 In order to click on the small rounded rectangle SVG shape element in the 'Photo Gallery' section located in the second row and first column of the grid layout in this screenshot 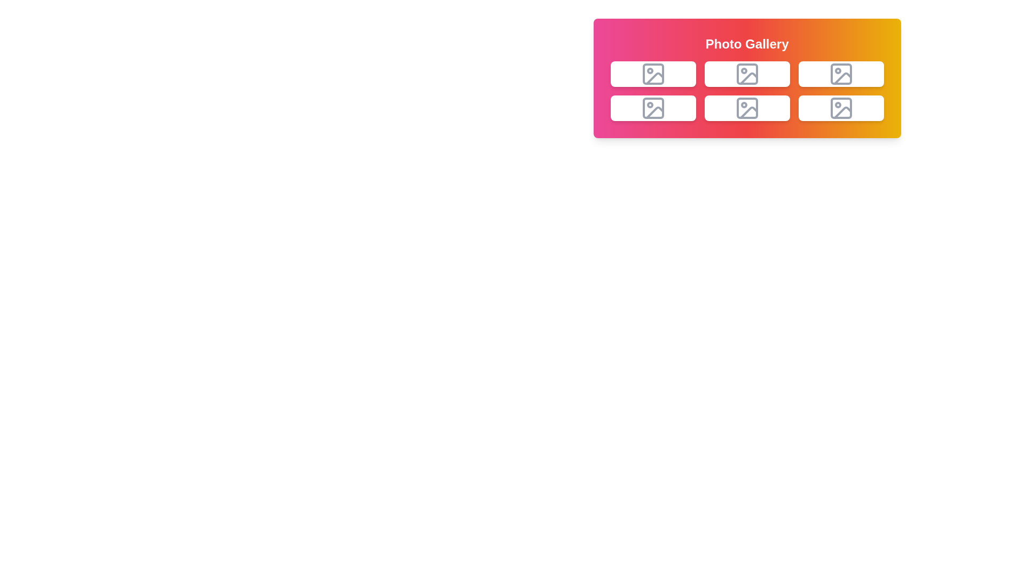, I will do `click(652, 108)`.